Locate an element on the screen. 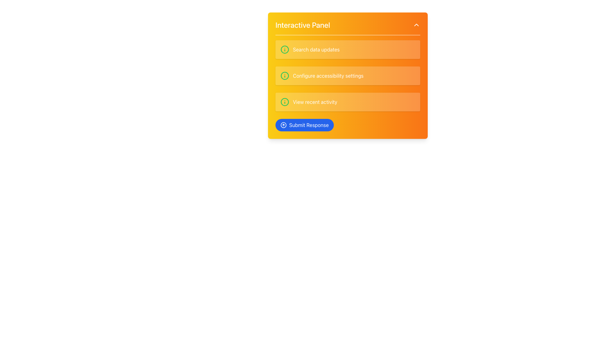 This screenshot has width=599, height=337. the title text 'Interactive Panel' located within the header of the orange panel, which serves as the heading for the content below it is located at coordinates (303, 25).